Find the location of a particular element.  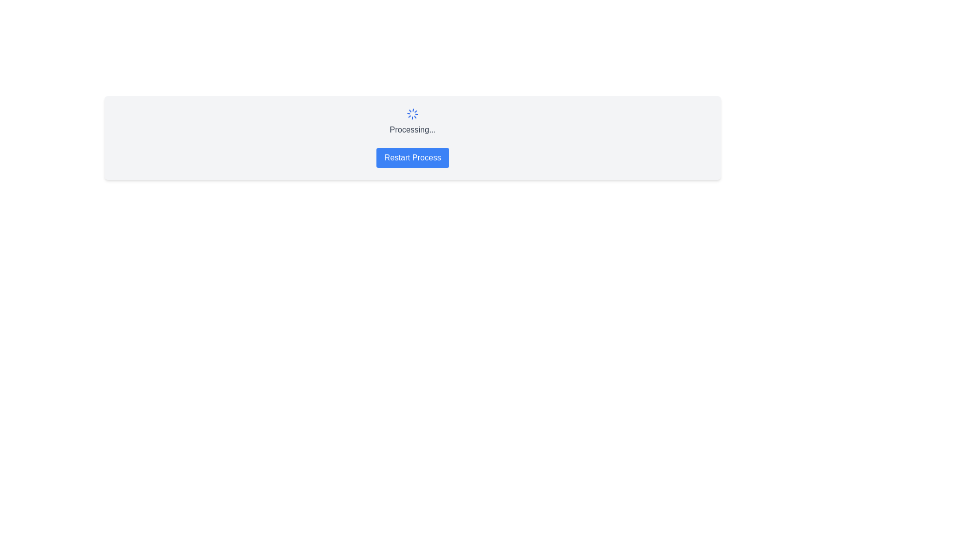

the Static Text Label displaying 'Processing...' which is centered below a spinner and above the 'Restart Process' button is located at coordinates (413, 130).